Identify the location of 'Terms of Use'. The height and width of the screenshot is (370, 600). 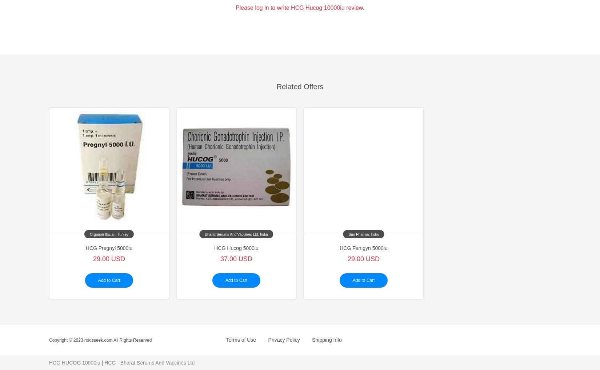
(240, 339).